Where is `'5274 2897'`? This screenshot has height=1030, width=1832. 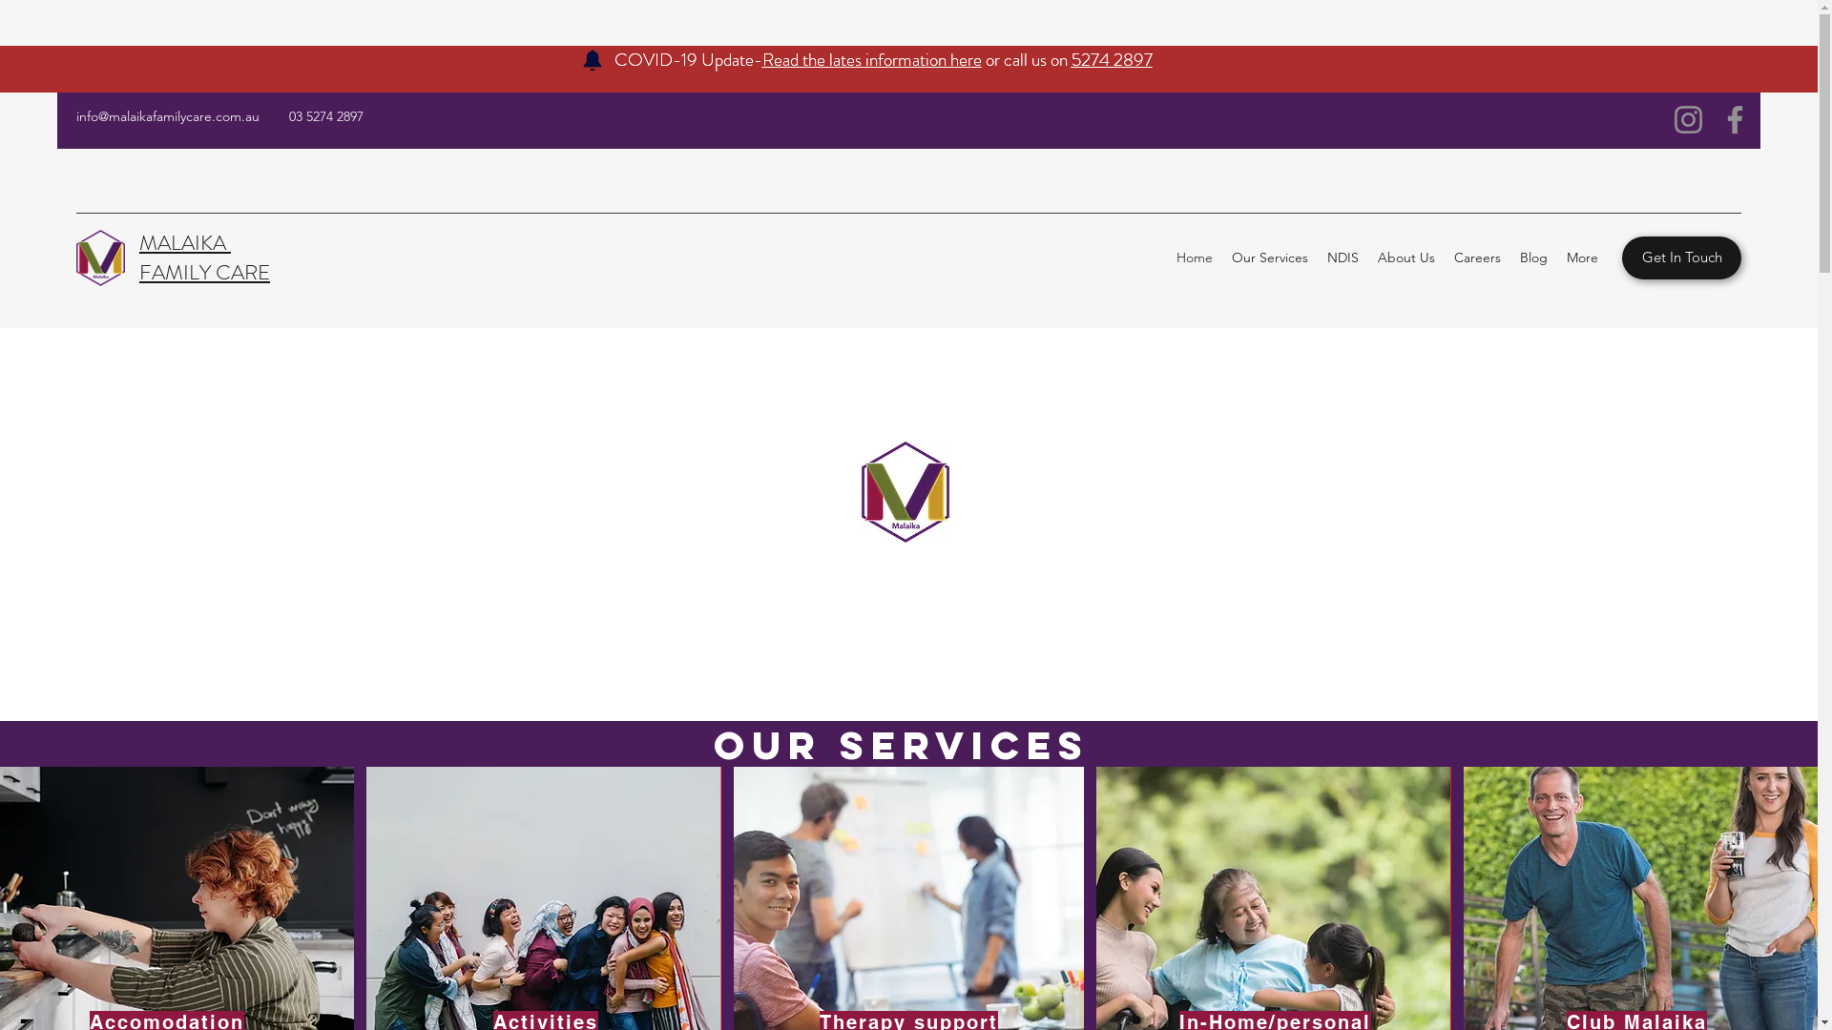
'5274 2897' is located at coordinates (1071, 58).